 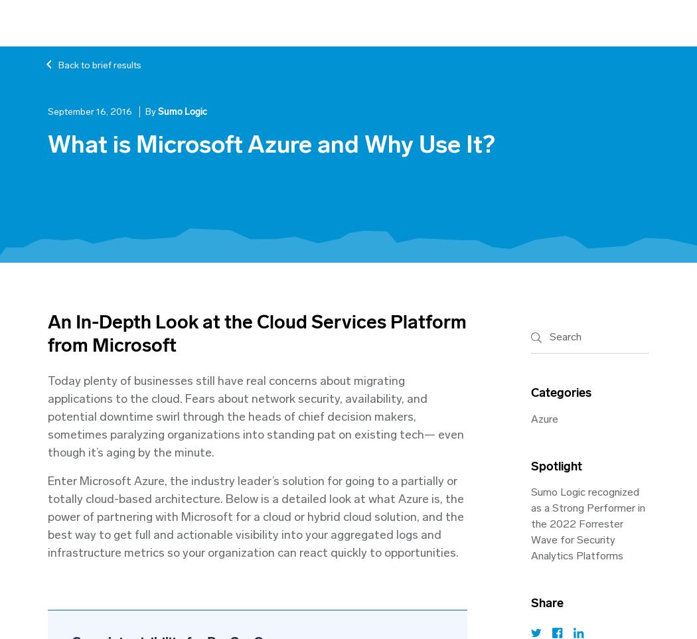 I want to click on 'DevOps & IT Operations,', so click(x=129, y=325).